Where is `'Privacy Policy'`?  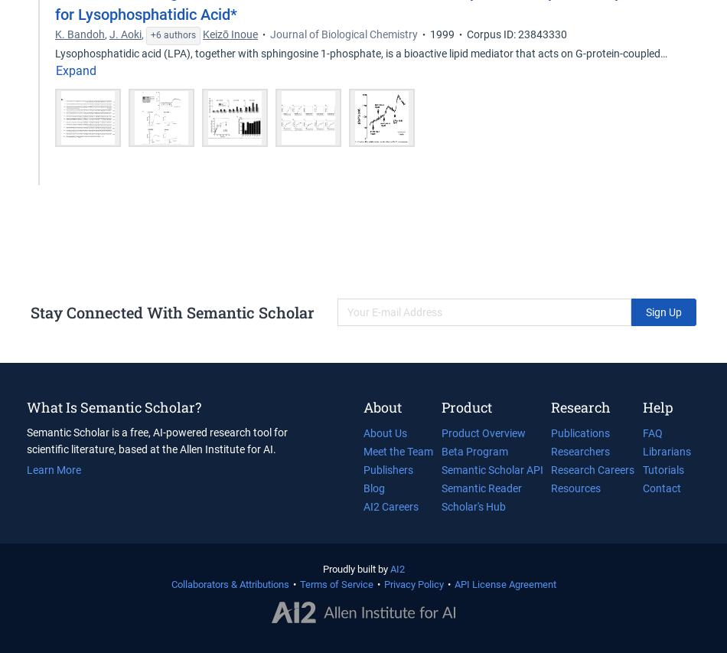
'Privacy Policy' is located at coordinates (412, 584).